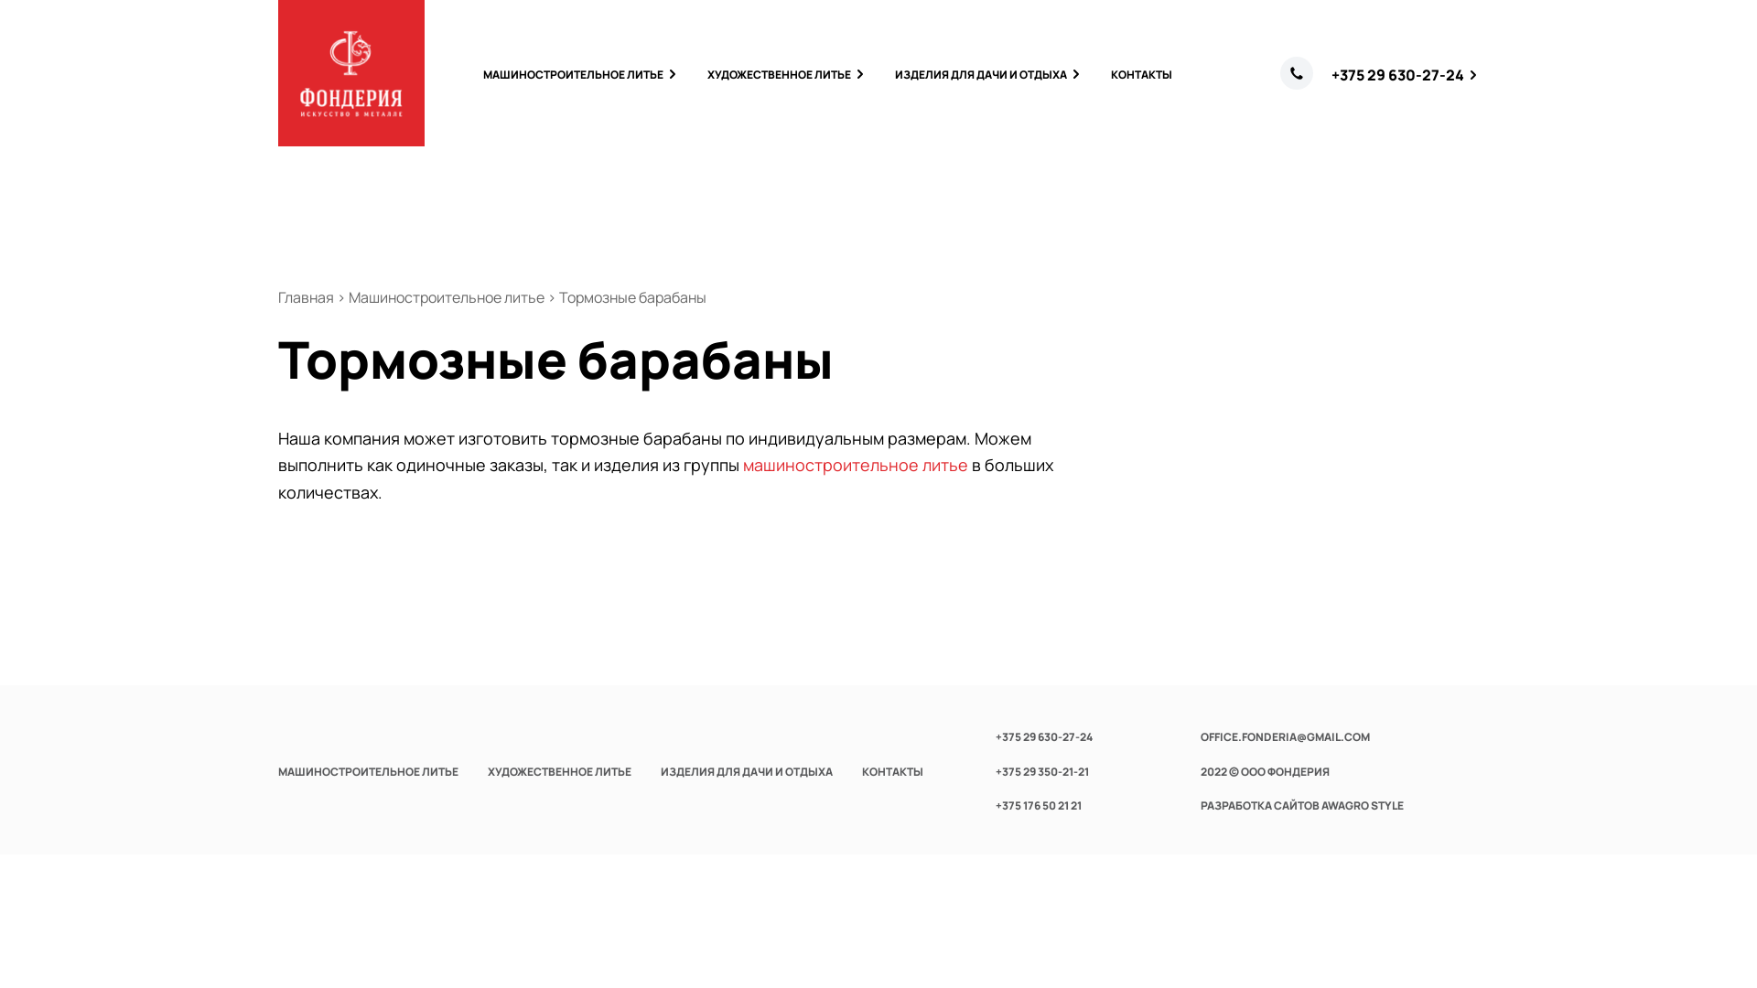 The image size is (1757, 988). Describe the element at coordinates (1038, 804) in the screenshot. I see `'+375 176 50 21 21'` at that location.